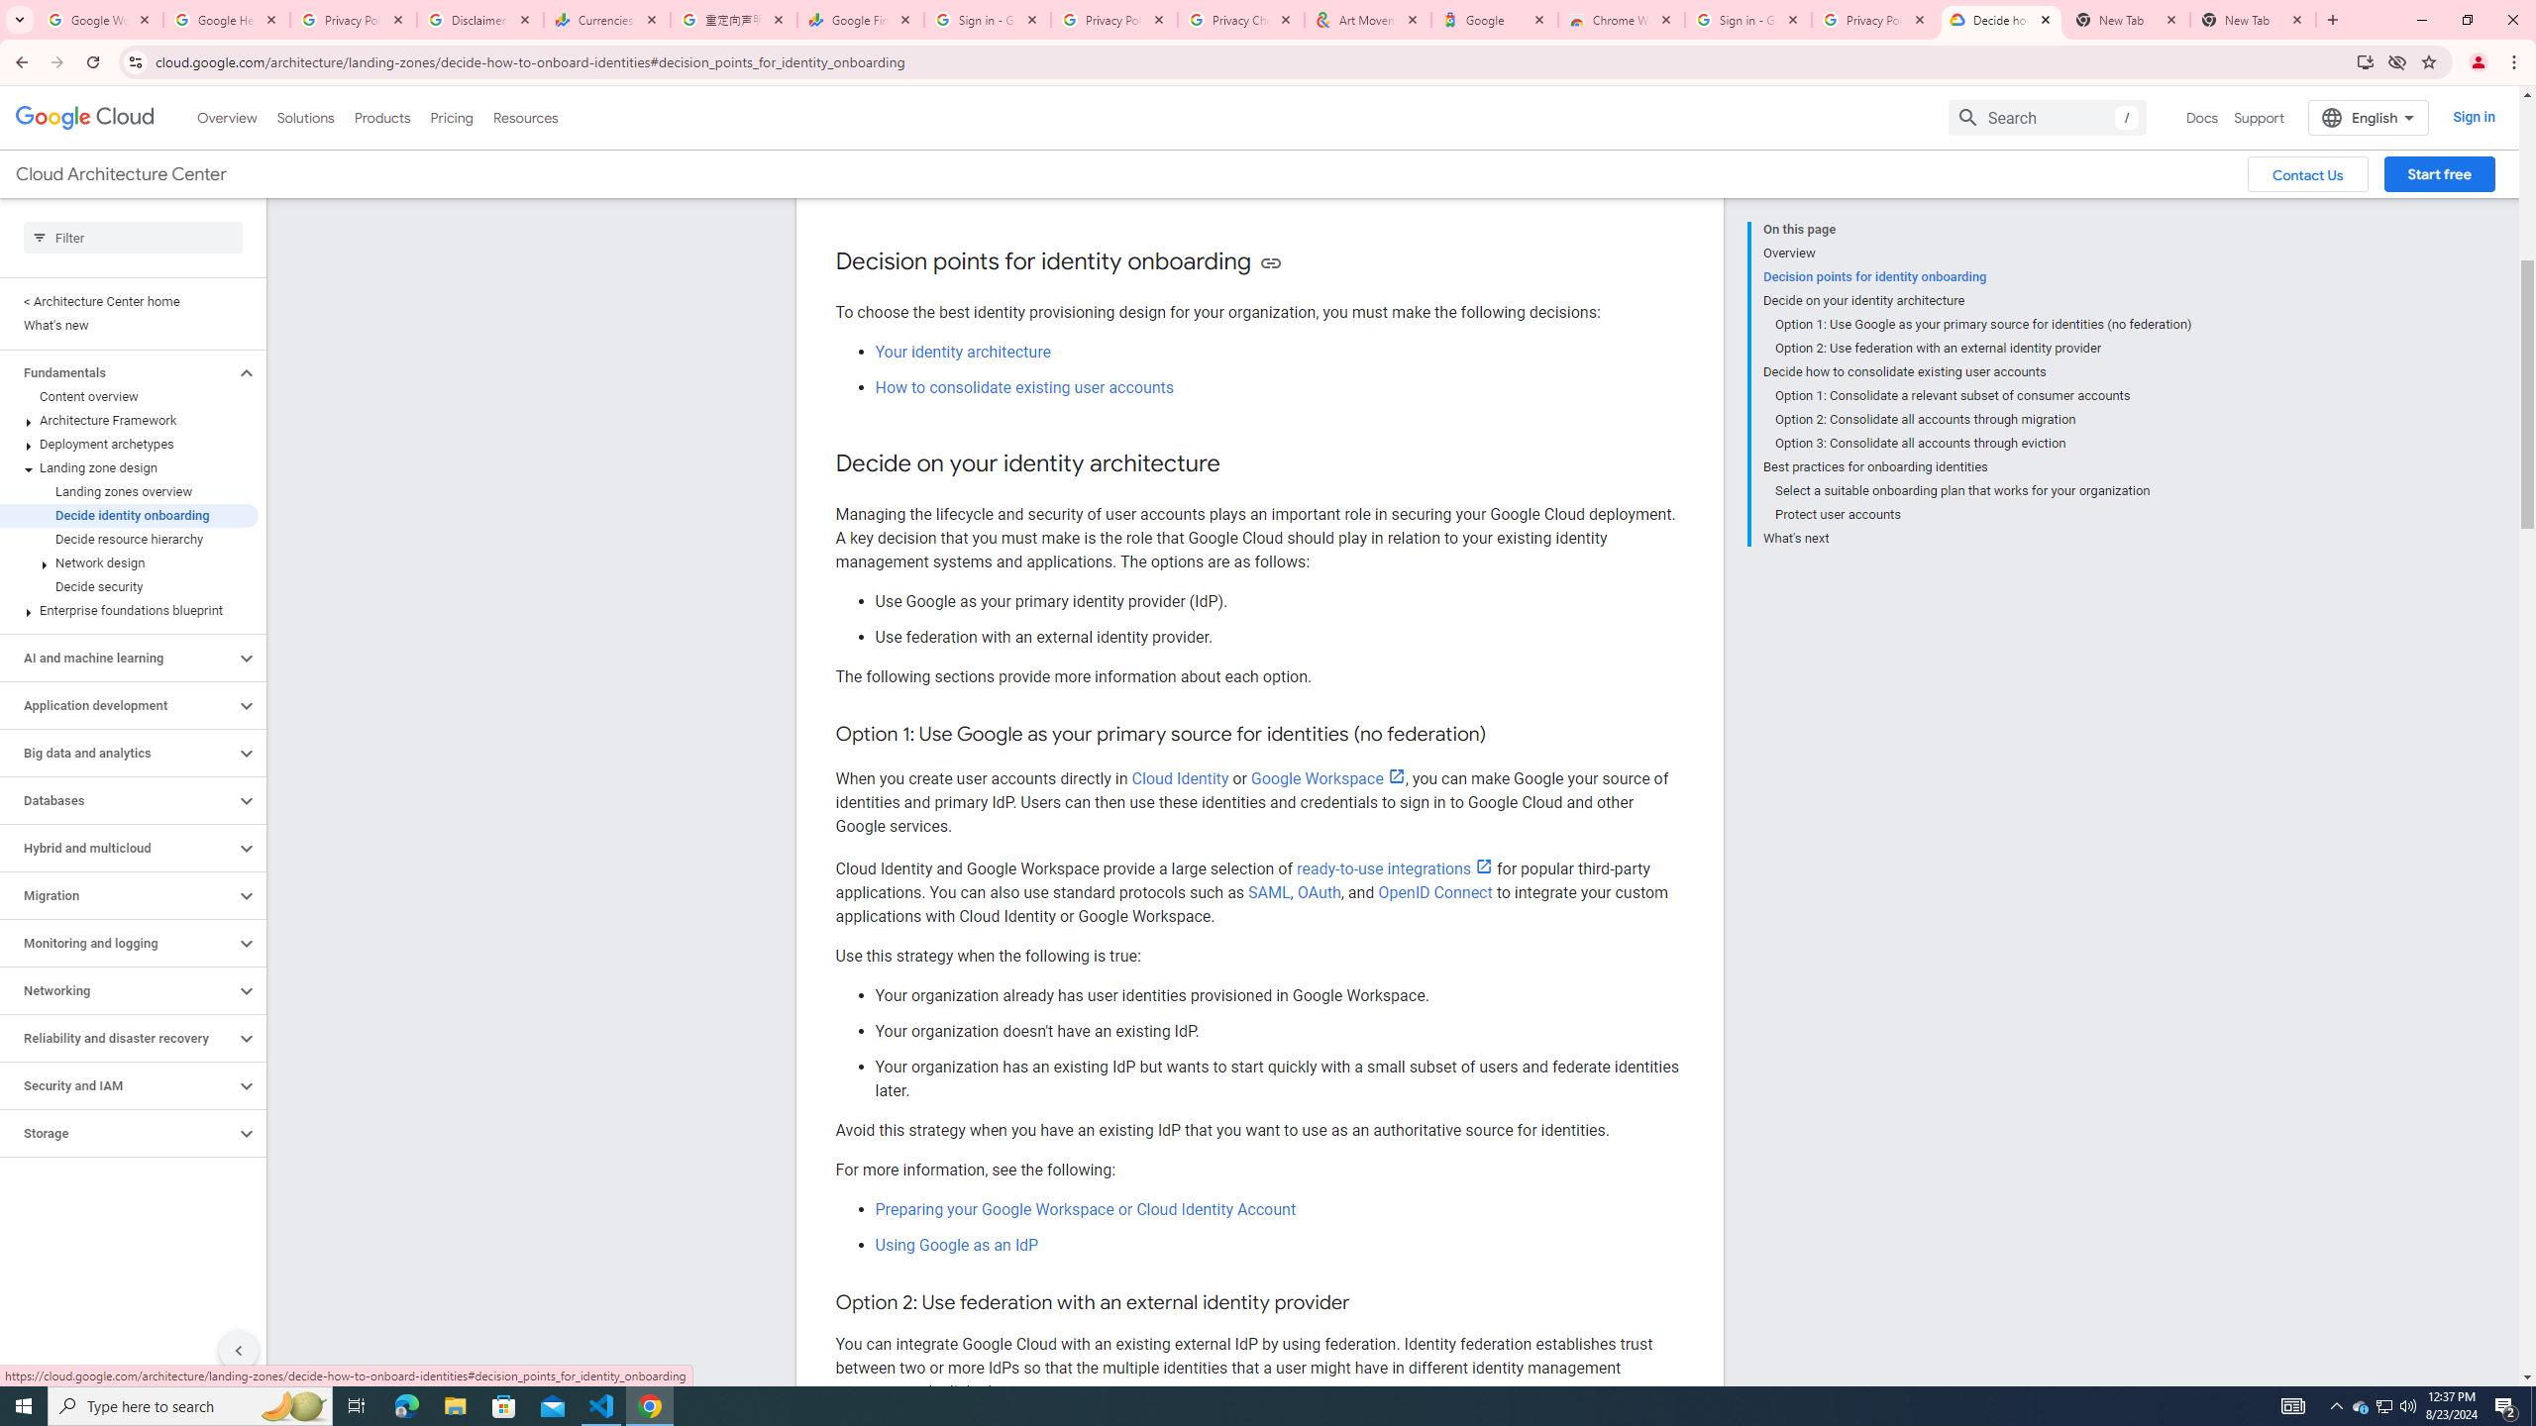 Image resolution: width=2536 pixels, height=1426 pixels. I want to click on 'Architecture Framework', so click(129, 420).